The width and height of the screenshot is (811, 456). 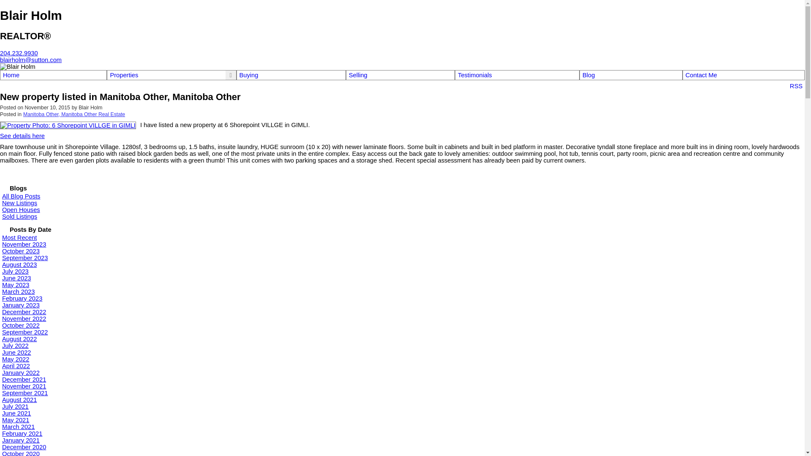 What do you see at coordinates (16, 413) in the screenshot?
I see `'June 2021'` at bounding box center [16, 413].